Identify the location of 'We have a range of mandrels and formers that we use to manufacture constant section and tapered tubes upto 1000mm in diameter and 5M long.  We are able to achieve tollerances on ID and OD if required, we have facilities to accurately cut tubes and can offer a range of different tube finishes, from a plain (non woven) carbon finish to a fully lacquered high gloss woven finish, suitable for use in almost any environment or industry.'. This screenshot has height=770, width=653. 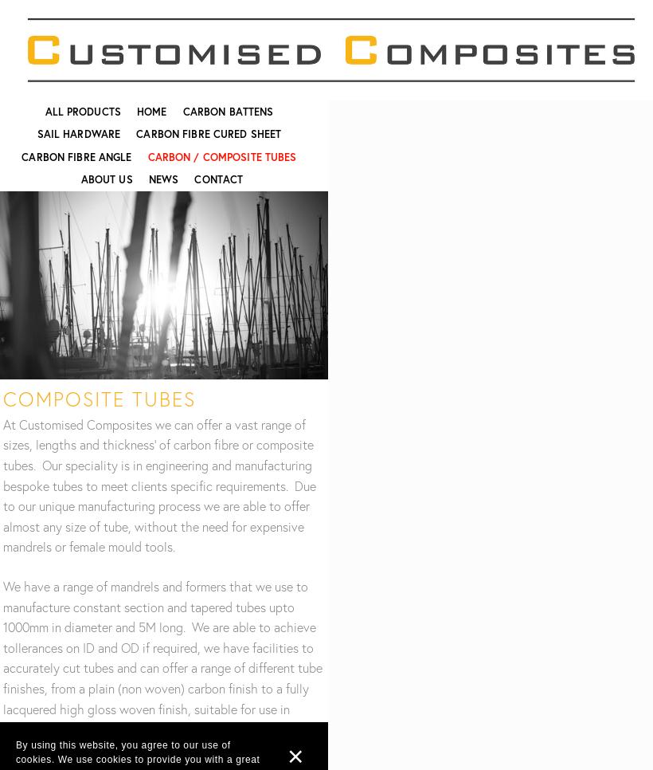
(163, 657).